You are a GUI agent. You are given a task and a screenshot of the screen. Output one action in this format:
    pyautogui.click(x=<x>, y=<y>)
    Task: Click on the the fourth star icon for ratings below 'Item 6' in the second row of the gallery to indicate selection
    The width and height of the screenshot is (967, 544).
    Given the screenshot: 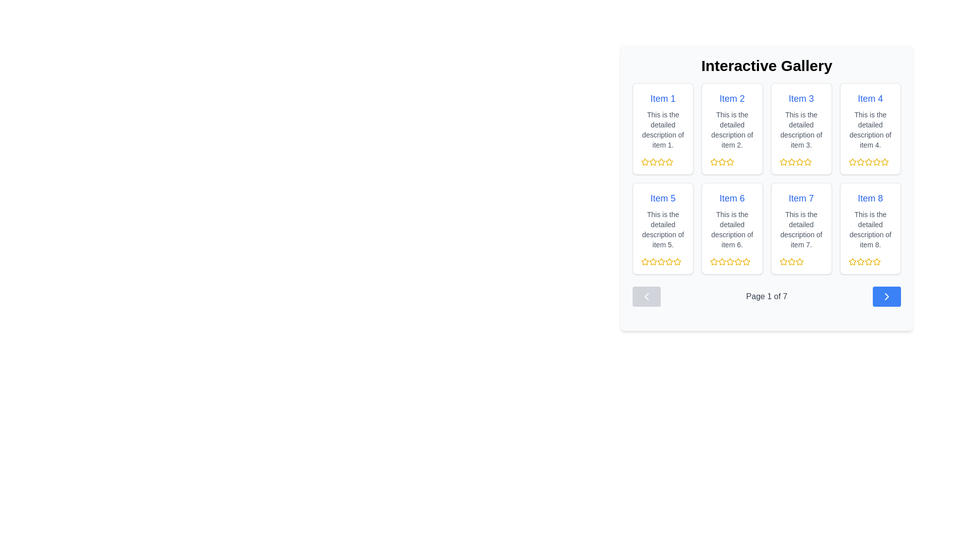 What is the action you would take?
    pyautogui.click(x=730, y=261)
    